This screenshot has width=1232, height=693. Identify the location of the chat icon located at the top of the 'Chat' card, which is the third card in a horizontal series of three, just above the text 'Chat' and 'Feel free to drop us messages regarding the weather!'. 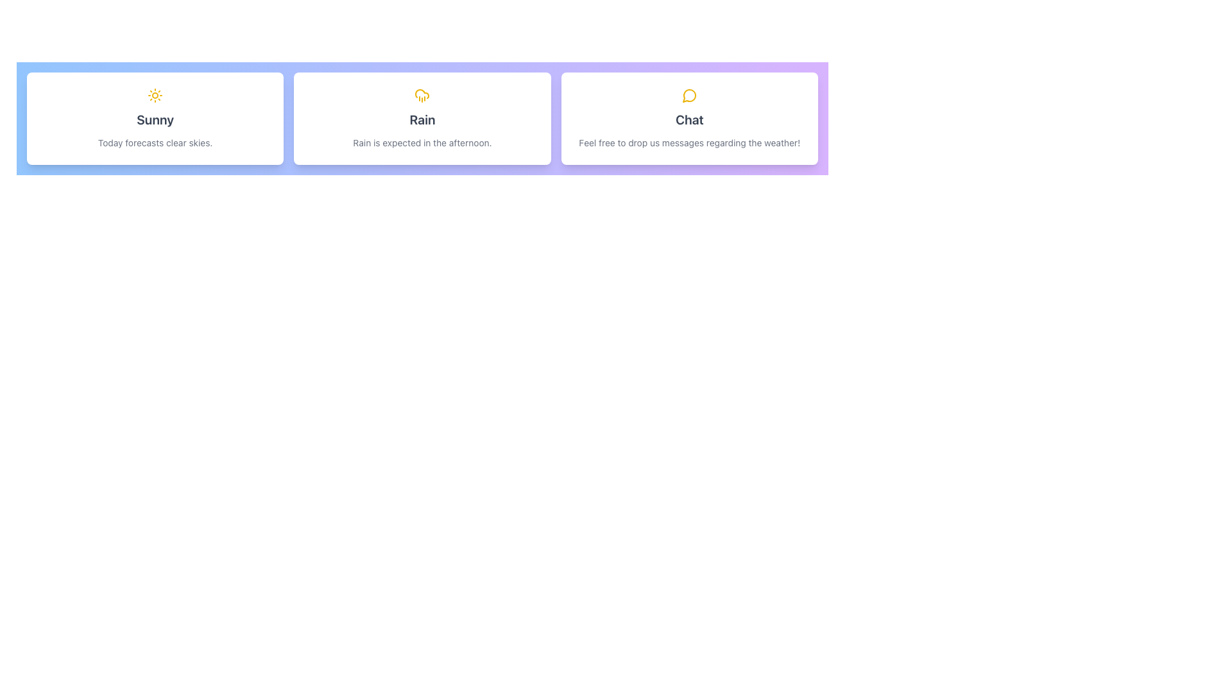
(689, 95).